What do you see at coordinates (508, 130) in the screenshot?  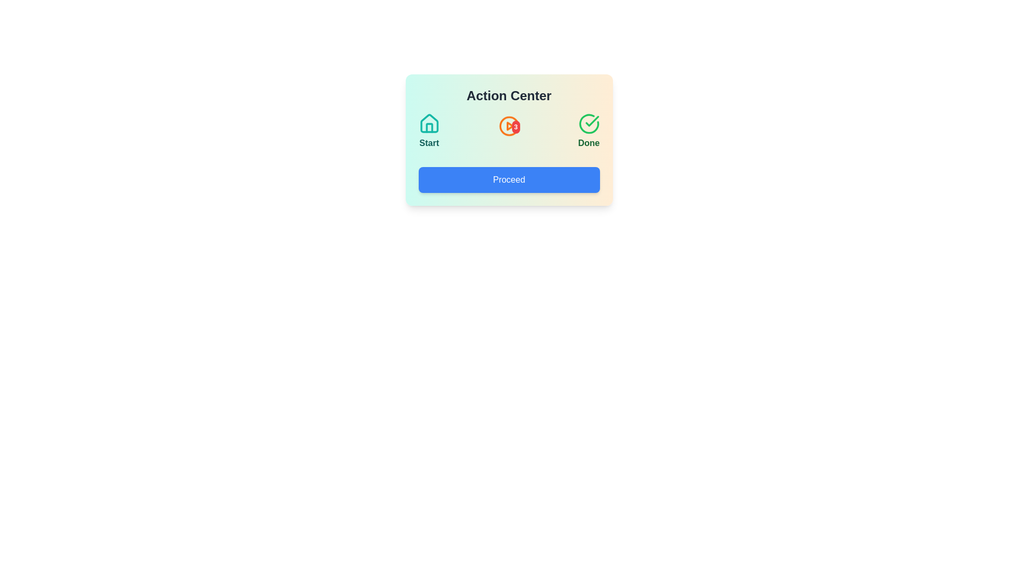 I see `the interactive status indicator labeled '3' located in the 'Action Center', which represents a middle step in a sequence` at bounding box center [508, 130].